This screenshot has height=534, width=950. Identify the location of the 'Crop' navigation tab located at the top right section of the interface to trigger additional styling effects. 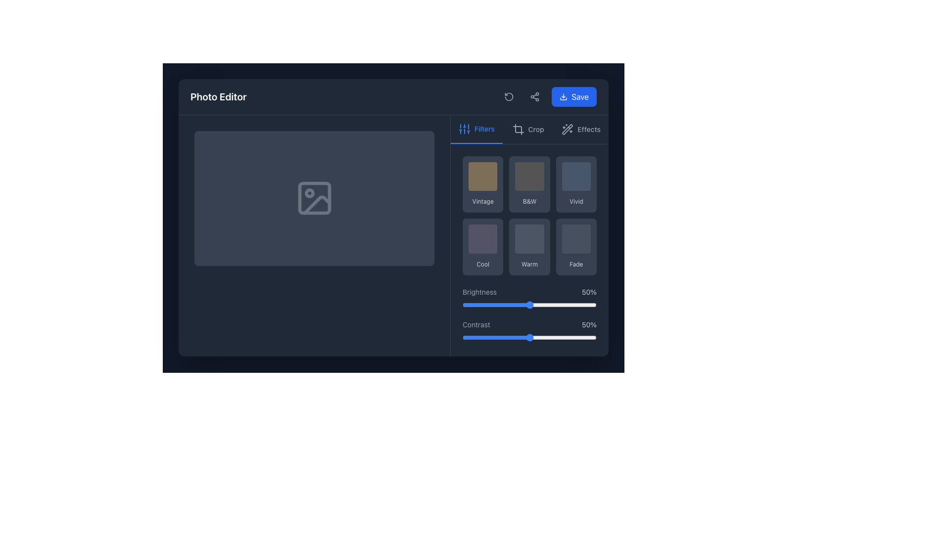
(529, 129).